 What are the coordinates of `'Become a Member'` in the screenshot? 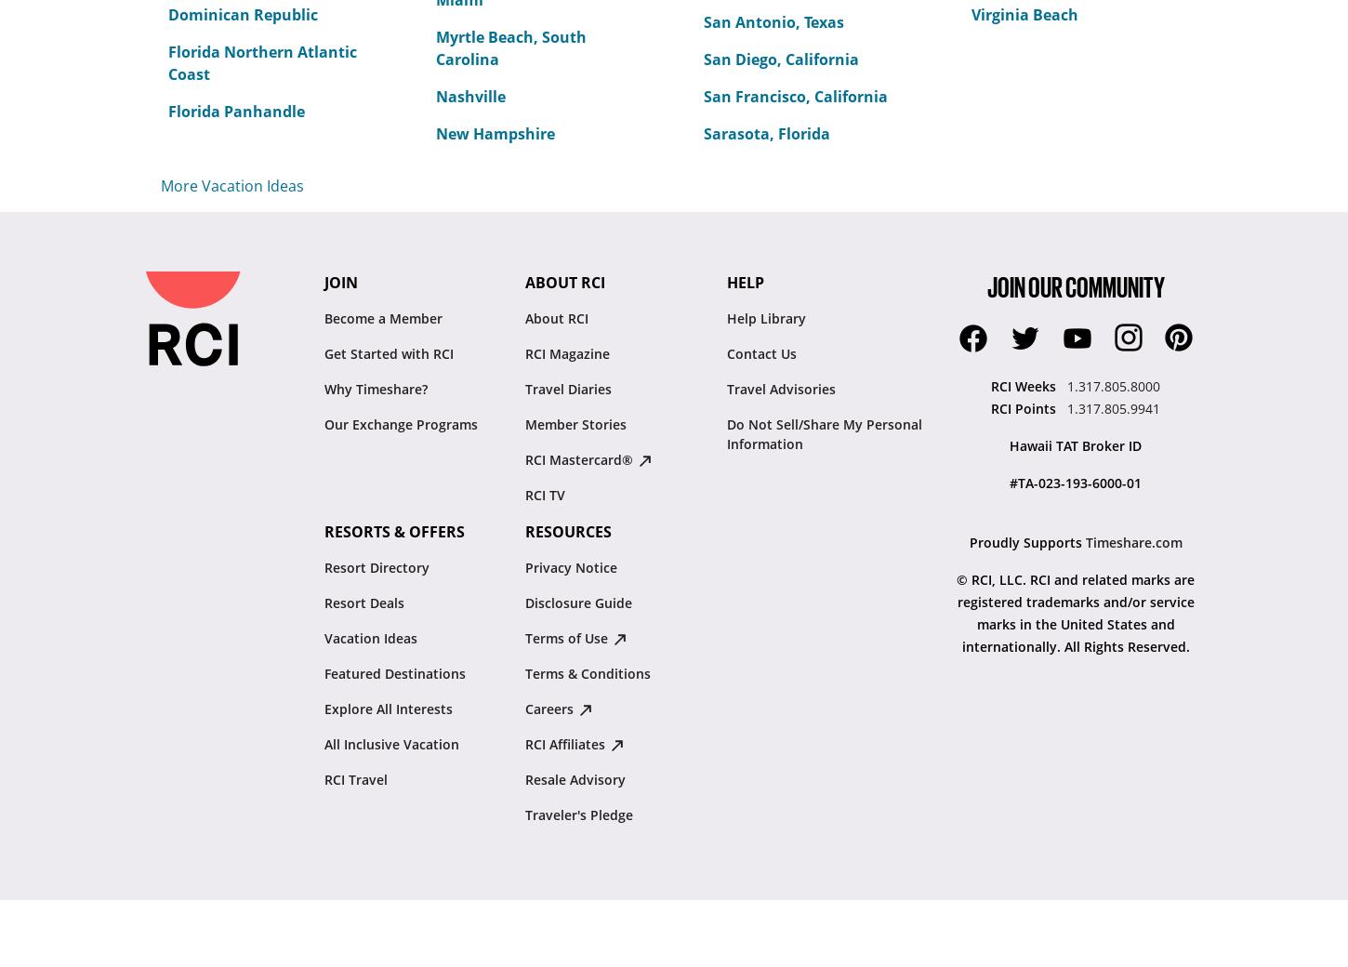 It's located at (382, 317).